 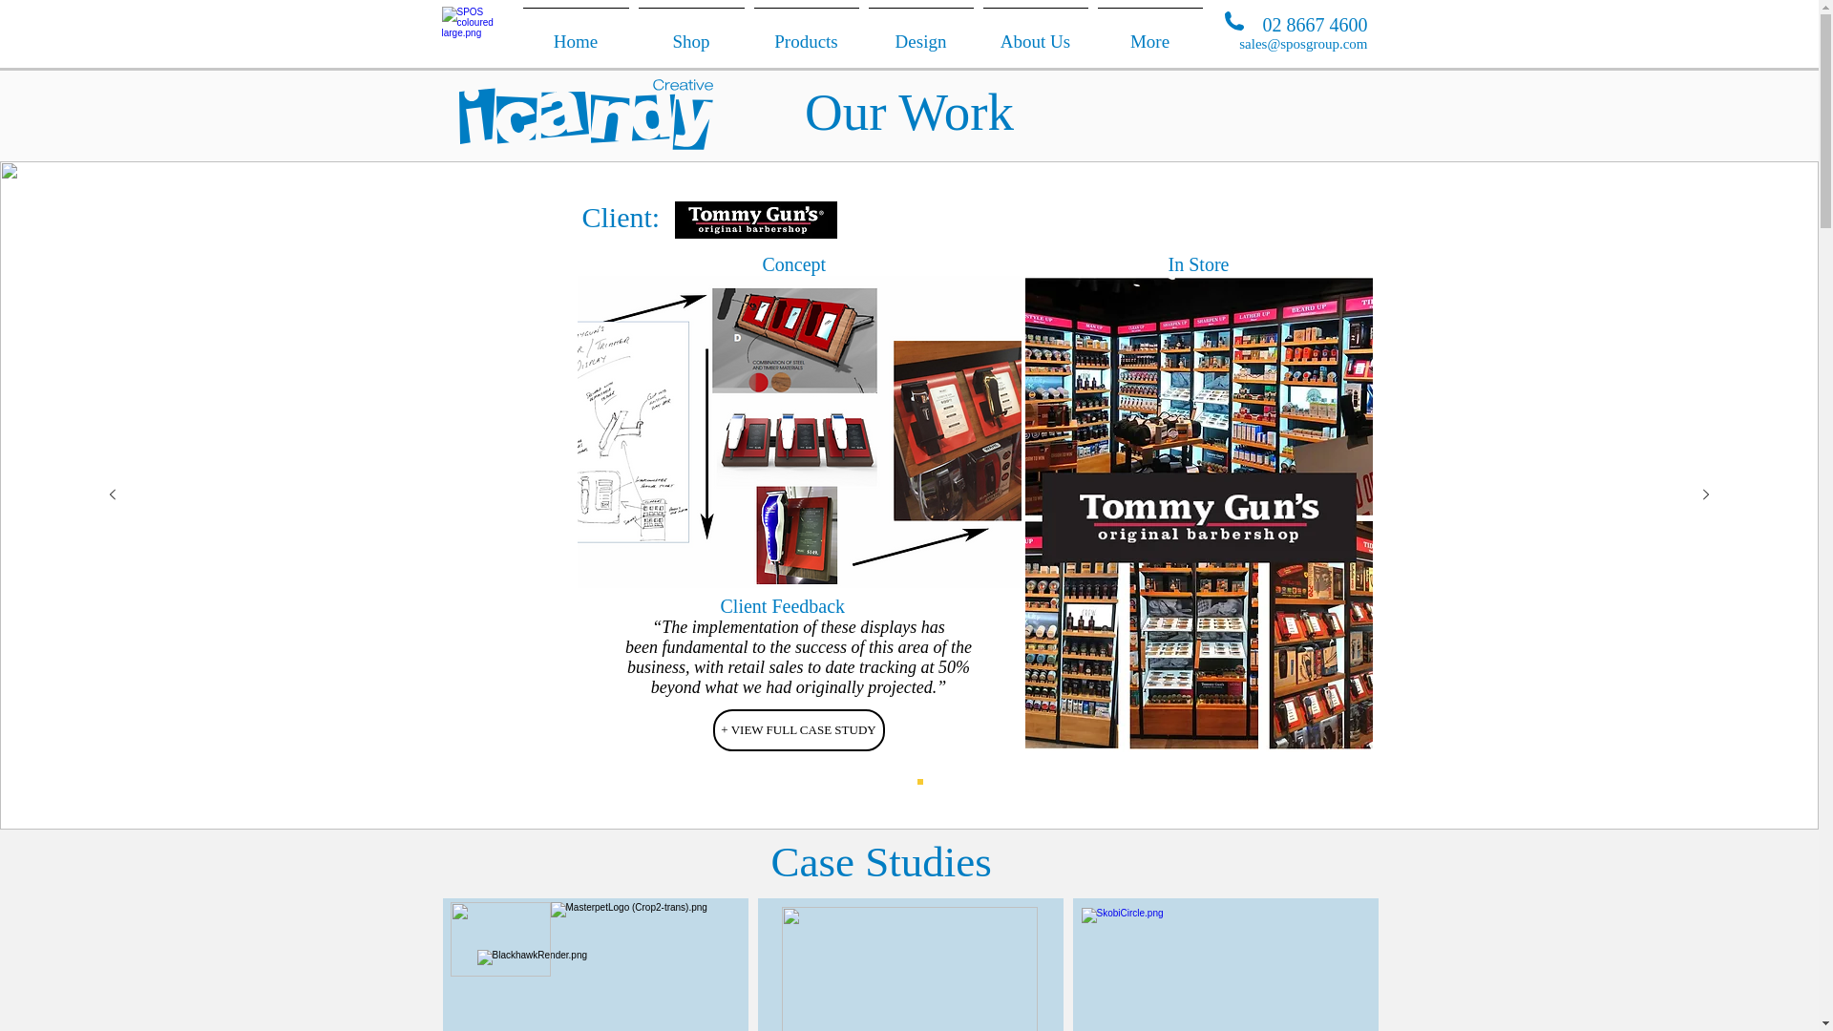 I want to click on 'Shop', so click(x=690, y=32).